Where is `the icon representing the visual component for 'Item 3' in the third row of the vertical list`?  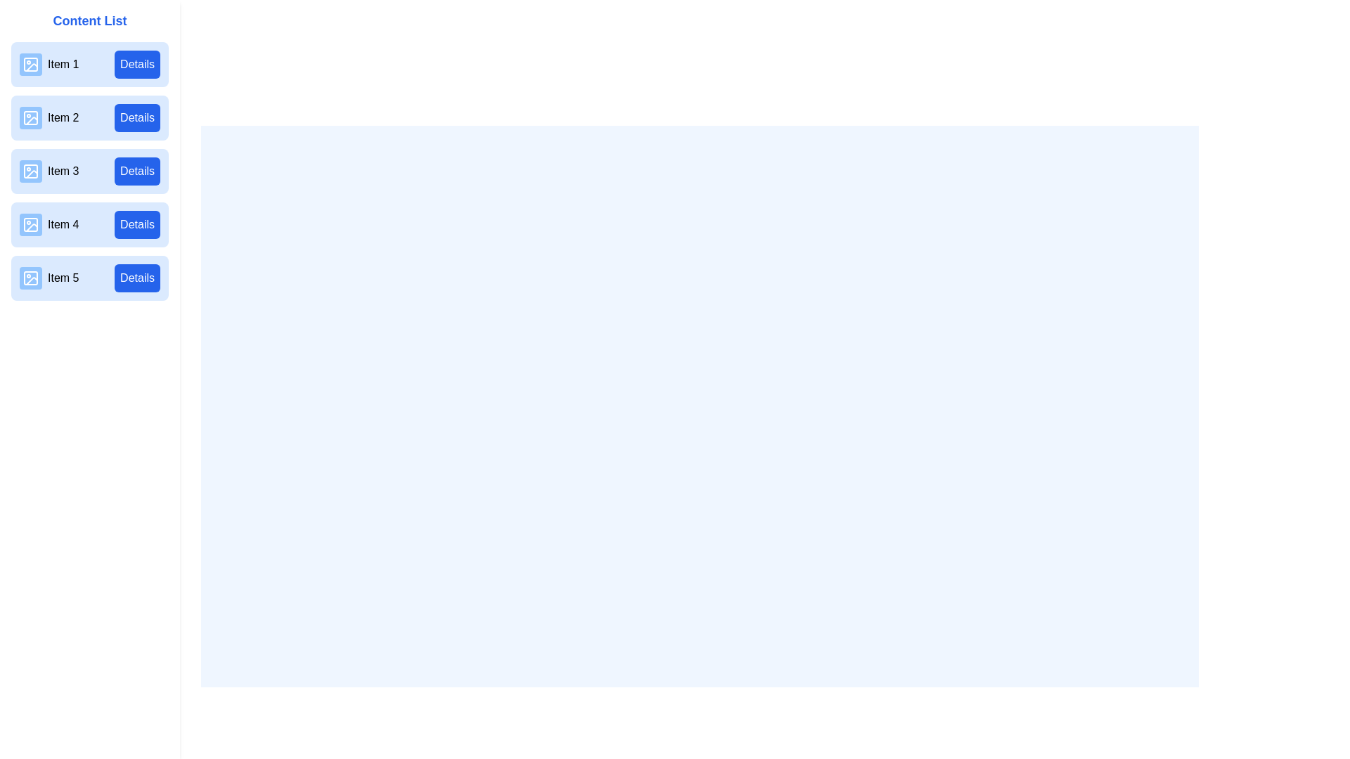
the icon representing the visual component for 'Item 3' in the third row of the vertical list is located at coordinates (30, 170).